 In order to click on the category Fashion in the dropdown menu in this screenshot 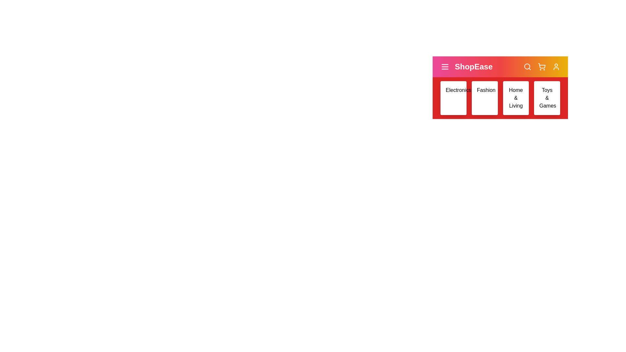, I will do `click(484, 98)`.